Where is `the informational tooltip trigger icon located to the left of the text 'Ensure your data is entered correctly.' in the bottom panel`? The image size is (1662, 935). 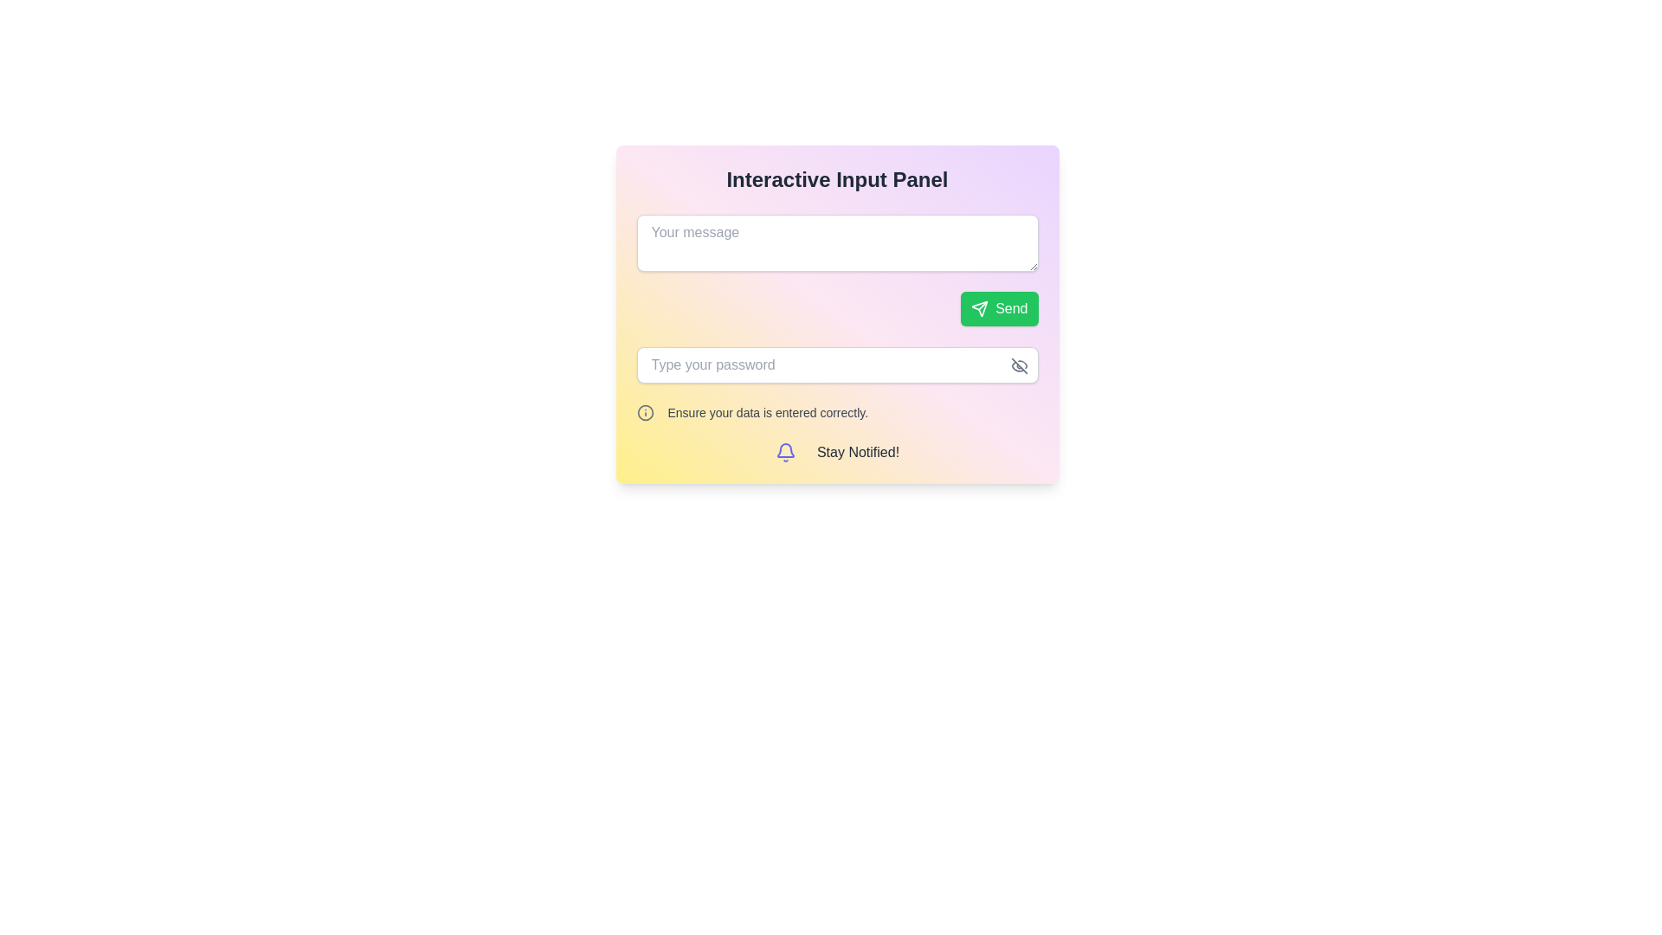 the informational tooltip trigger icon located to the left of the text 'Ensure your data is entered correctly.' in the bottom panel is located at coordinates (644, 413).